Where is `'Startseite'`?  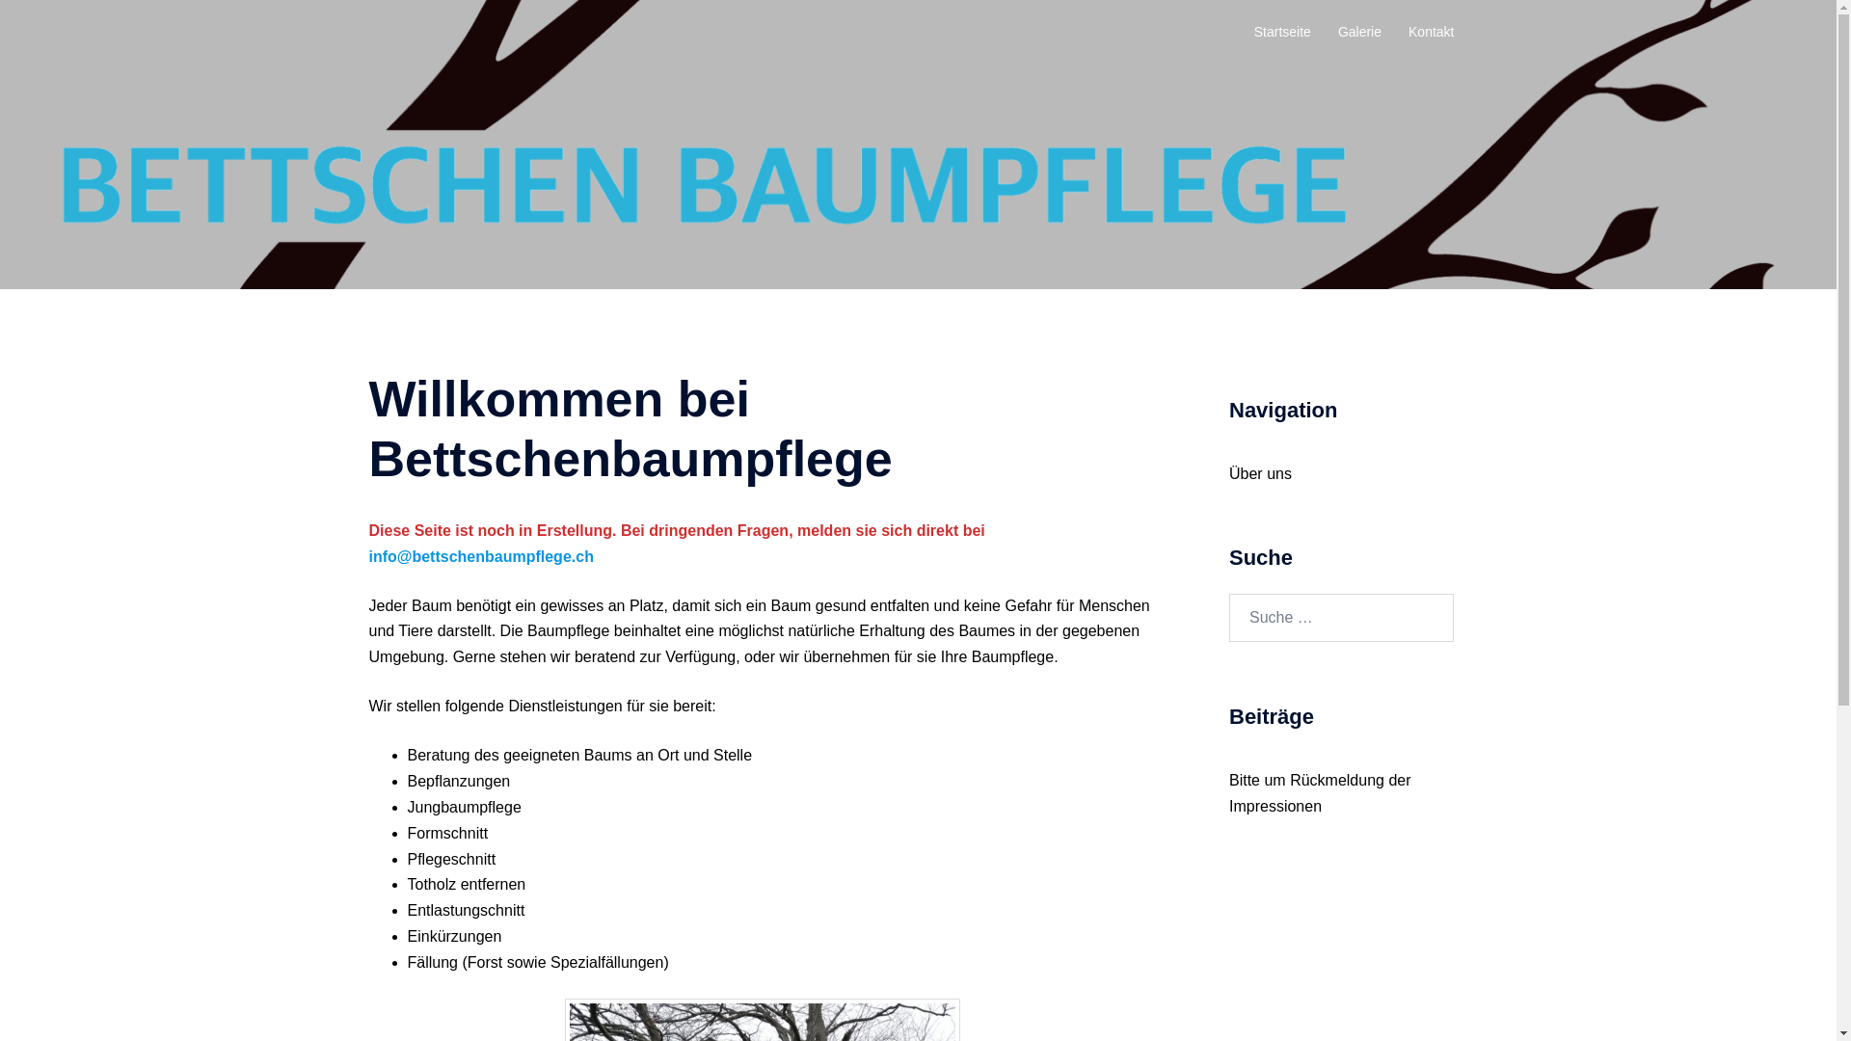
'Startseite' is located at coordinates (1282, 33).